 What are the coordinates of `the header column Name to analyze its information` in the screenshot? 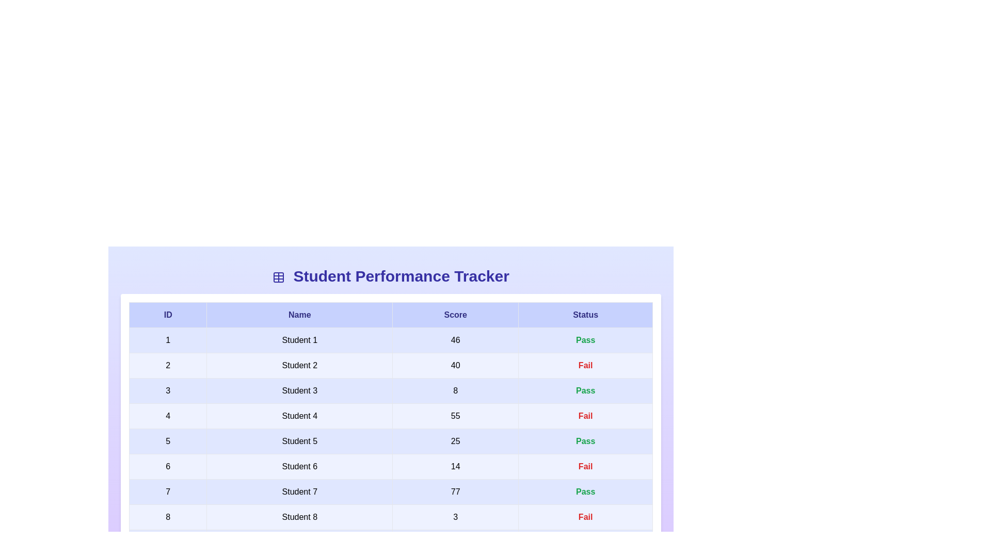 It's located at (299, 314).